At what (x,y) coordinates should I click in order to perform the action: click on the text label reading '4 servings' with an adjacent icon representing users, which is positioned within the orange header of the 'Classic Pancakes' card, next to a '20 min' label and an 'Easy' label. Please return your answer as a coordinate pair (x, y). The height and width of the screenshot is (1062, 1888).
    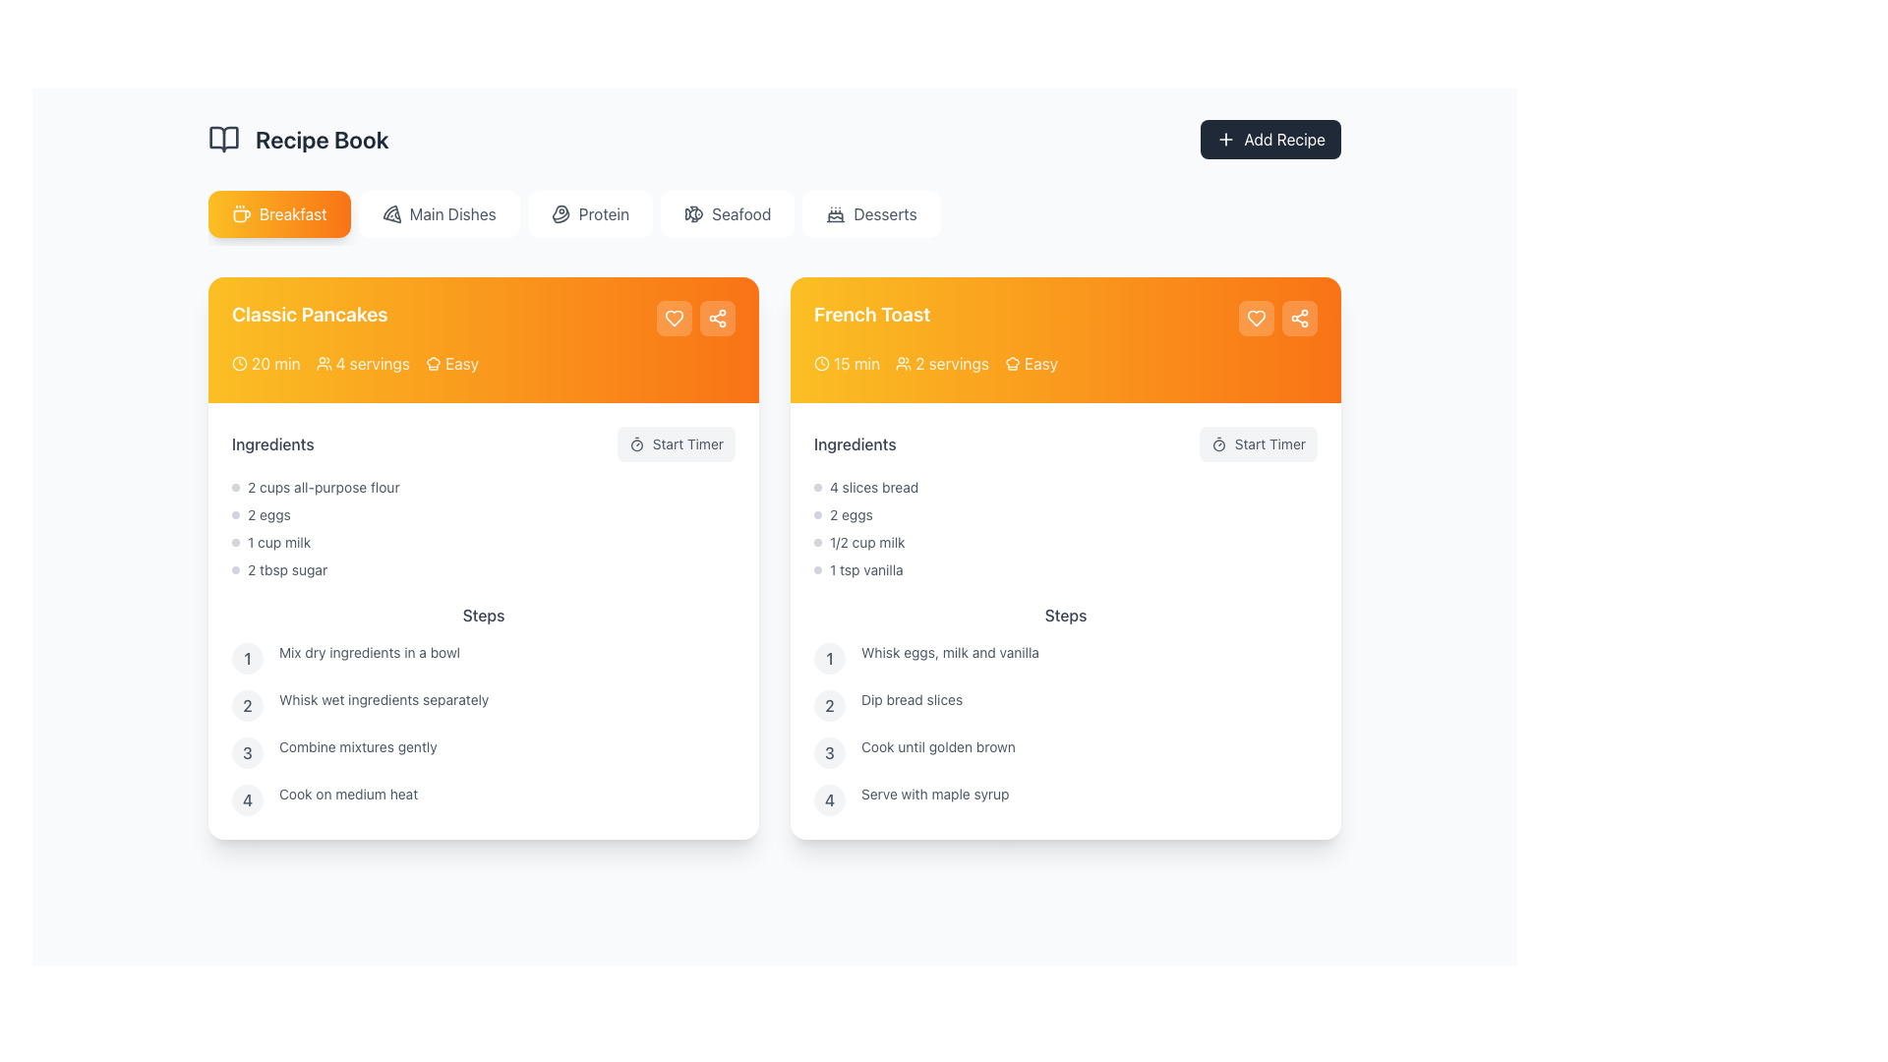
    Looking at the image, I should click on (363, 364).